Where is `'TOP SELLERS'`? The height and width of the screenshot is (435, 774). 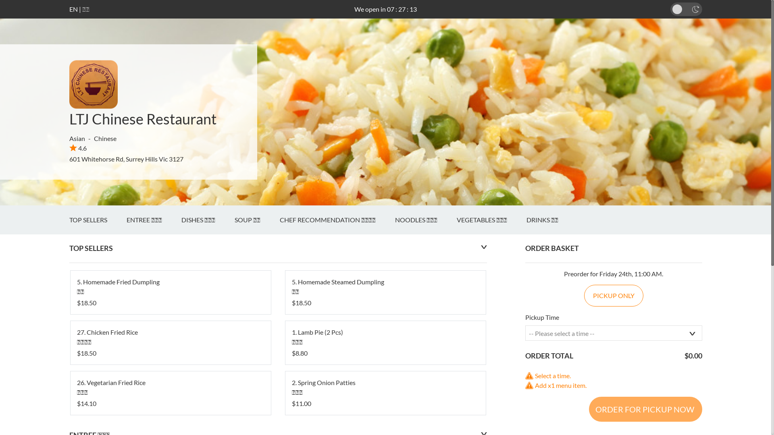
'TOP SELLERS' is located at coordinates (98, 220).